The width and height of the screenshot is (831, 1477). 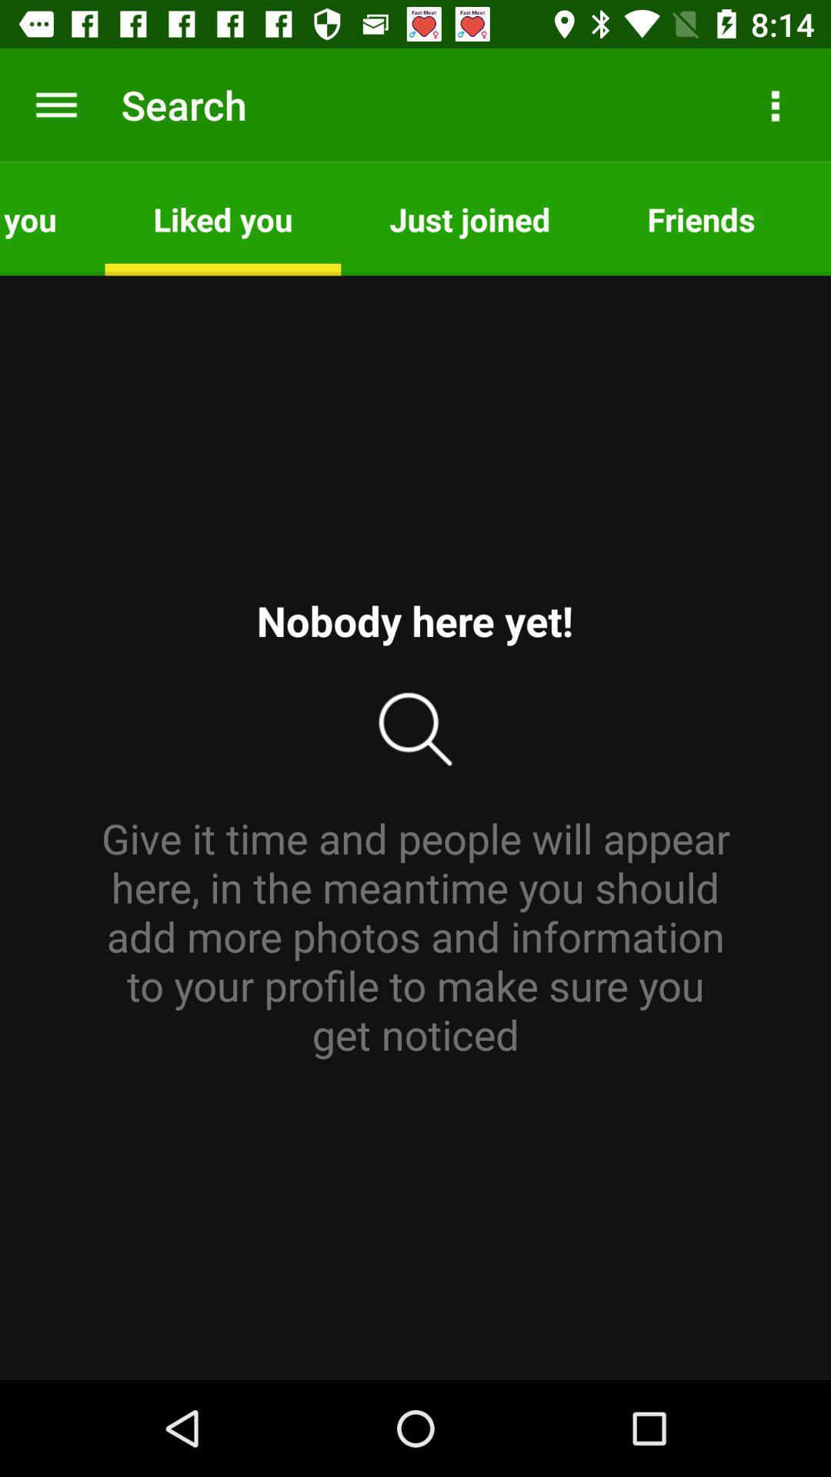 What do you see at coordinates (469, 218) in the screenshot?
I see `icon to the left of the friends` at bounding box center [469, 218].